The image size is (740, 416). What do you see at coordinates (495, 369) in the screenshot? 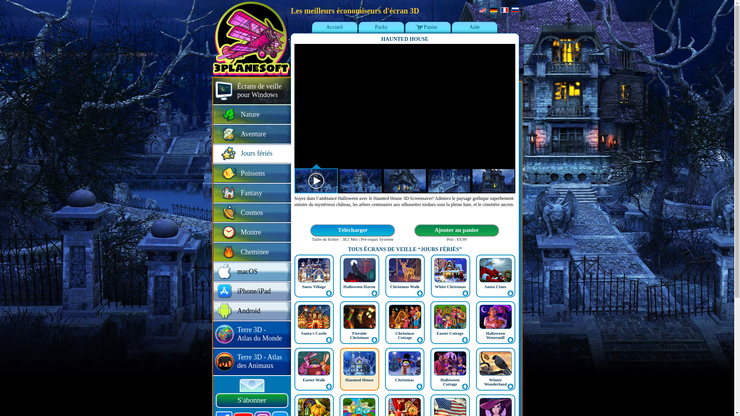
I see `'Winter Wonderland'` at bounding box center [495, 369].